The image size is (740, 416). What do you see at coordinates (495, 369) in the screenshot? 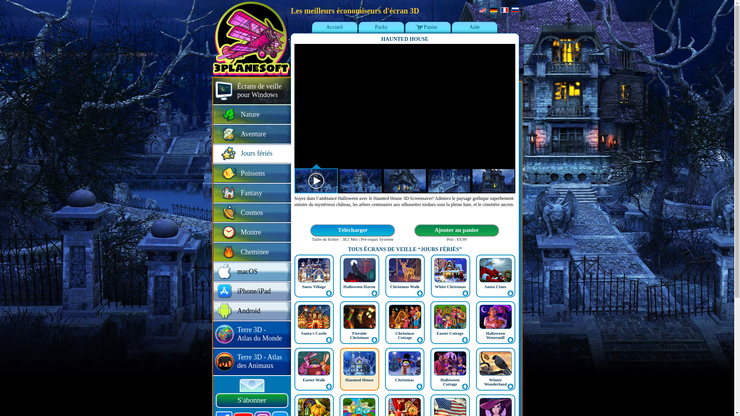
I see `'Winter Wonderland'` at bounding box center [495, 369].